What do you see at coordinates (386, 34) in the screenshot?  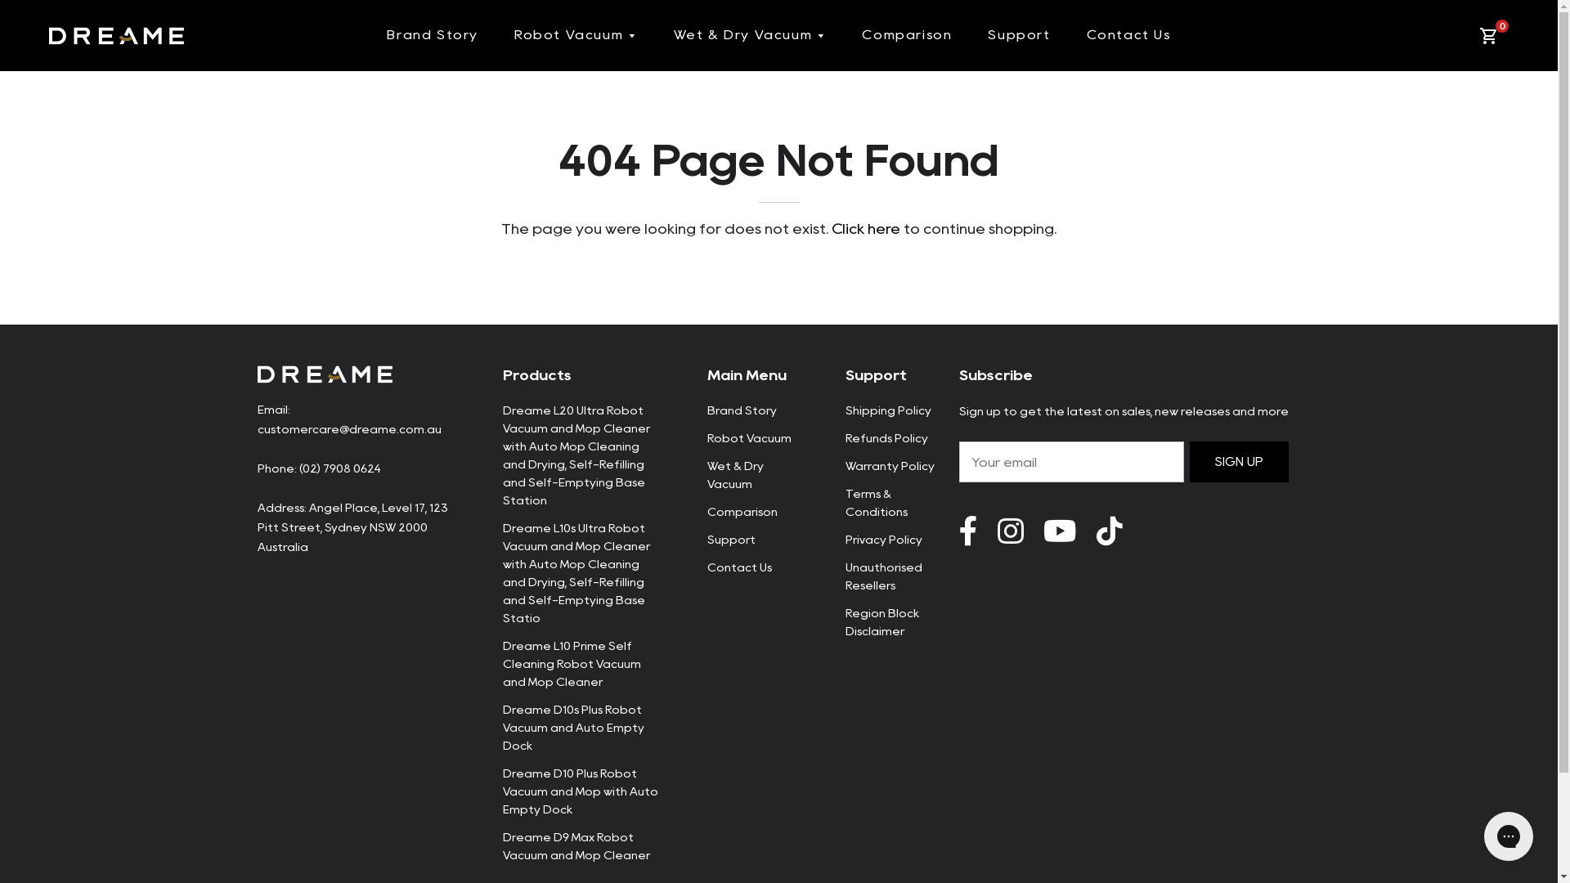 I see `'Brand Story'` at bounding box center [386, 34].